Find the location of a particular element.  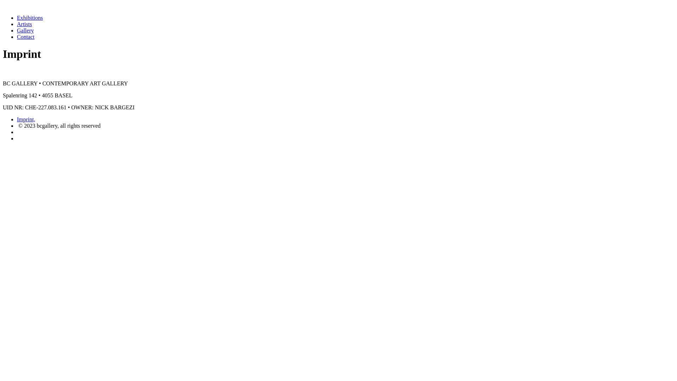

'Gallery' is located at coordinates (25, 30).